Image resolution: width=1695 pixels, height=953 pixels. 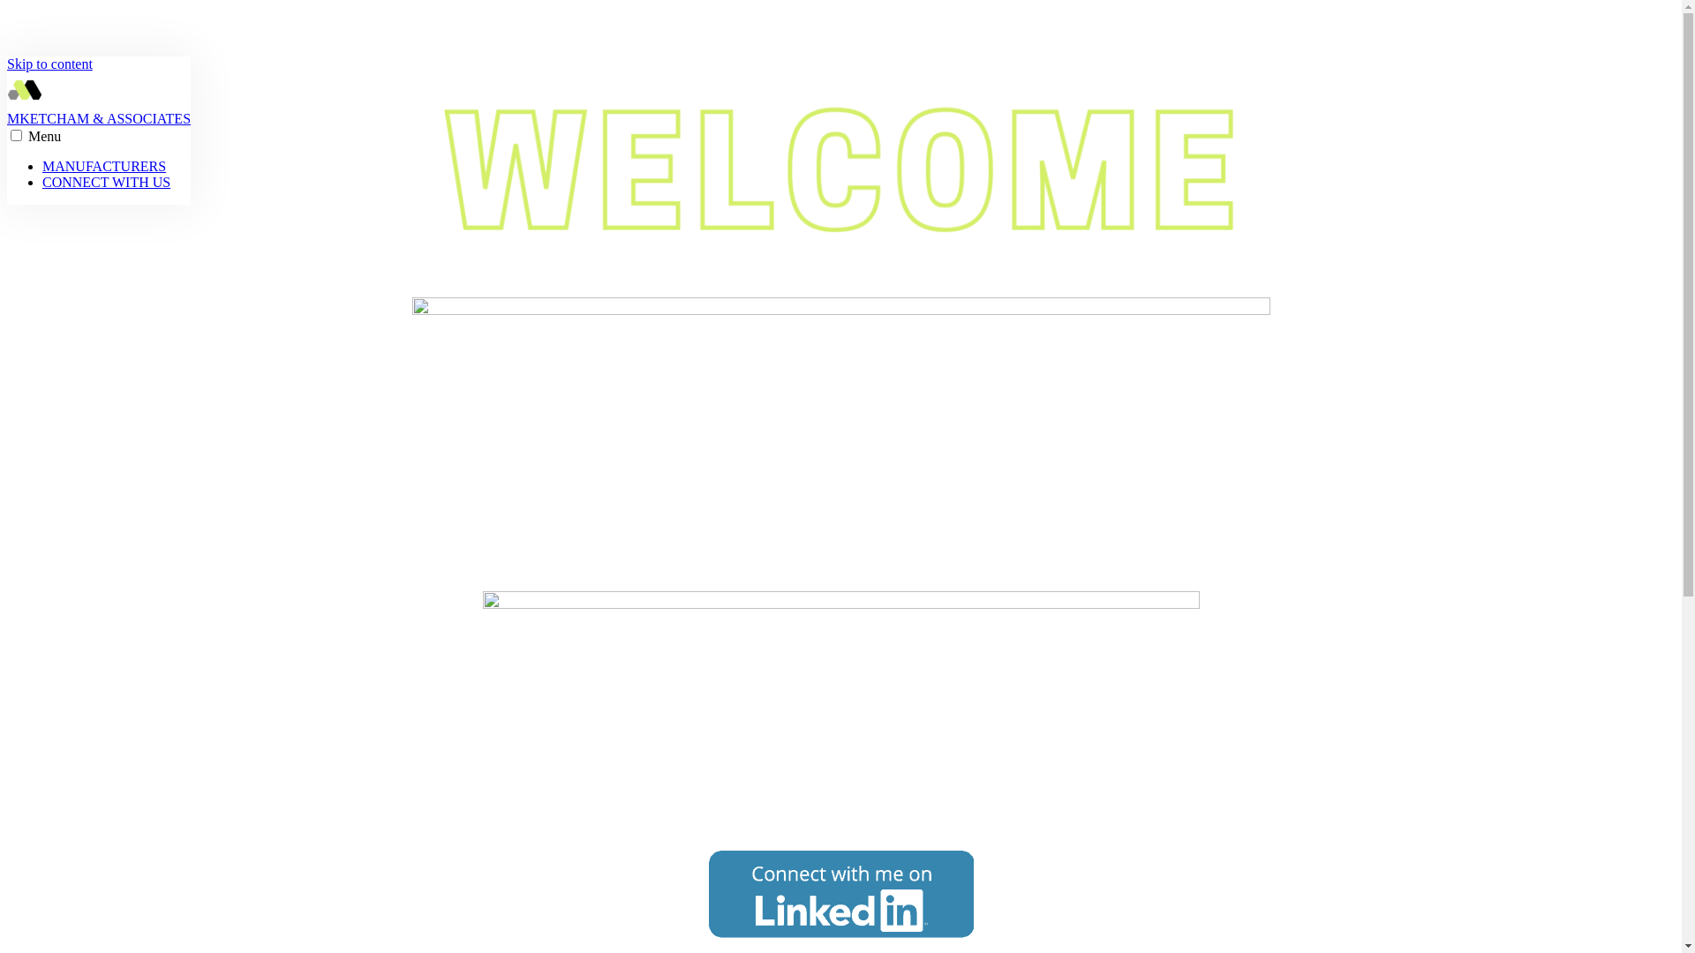 I want to click on 'CONNECT WITH US', so click(x=105, y=182).